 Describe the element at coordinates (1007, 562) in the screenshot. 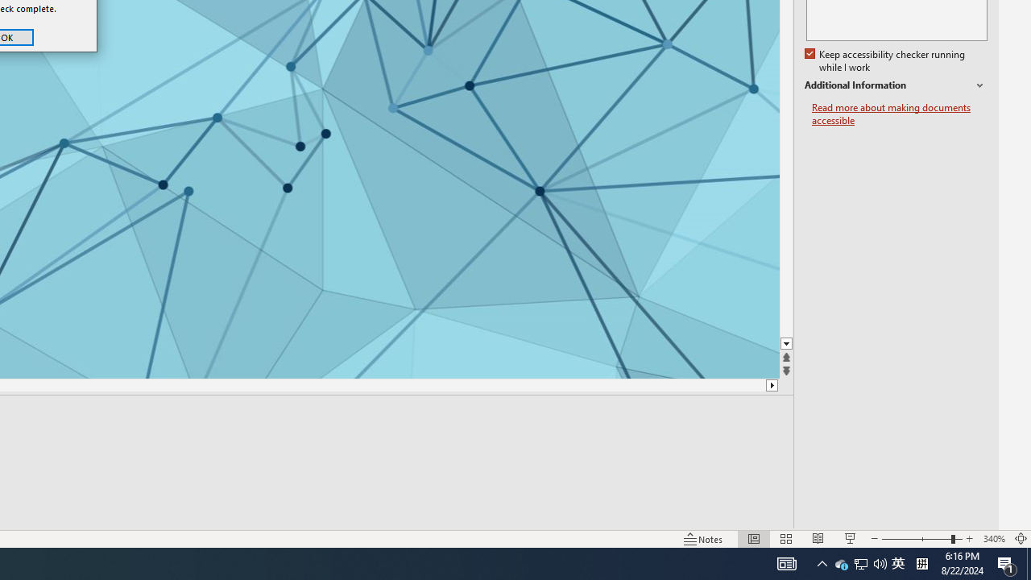

I see `'Action Center, 1 new notification'` at that location.